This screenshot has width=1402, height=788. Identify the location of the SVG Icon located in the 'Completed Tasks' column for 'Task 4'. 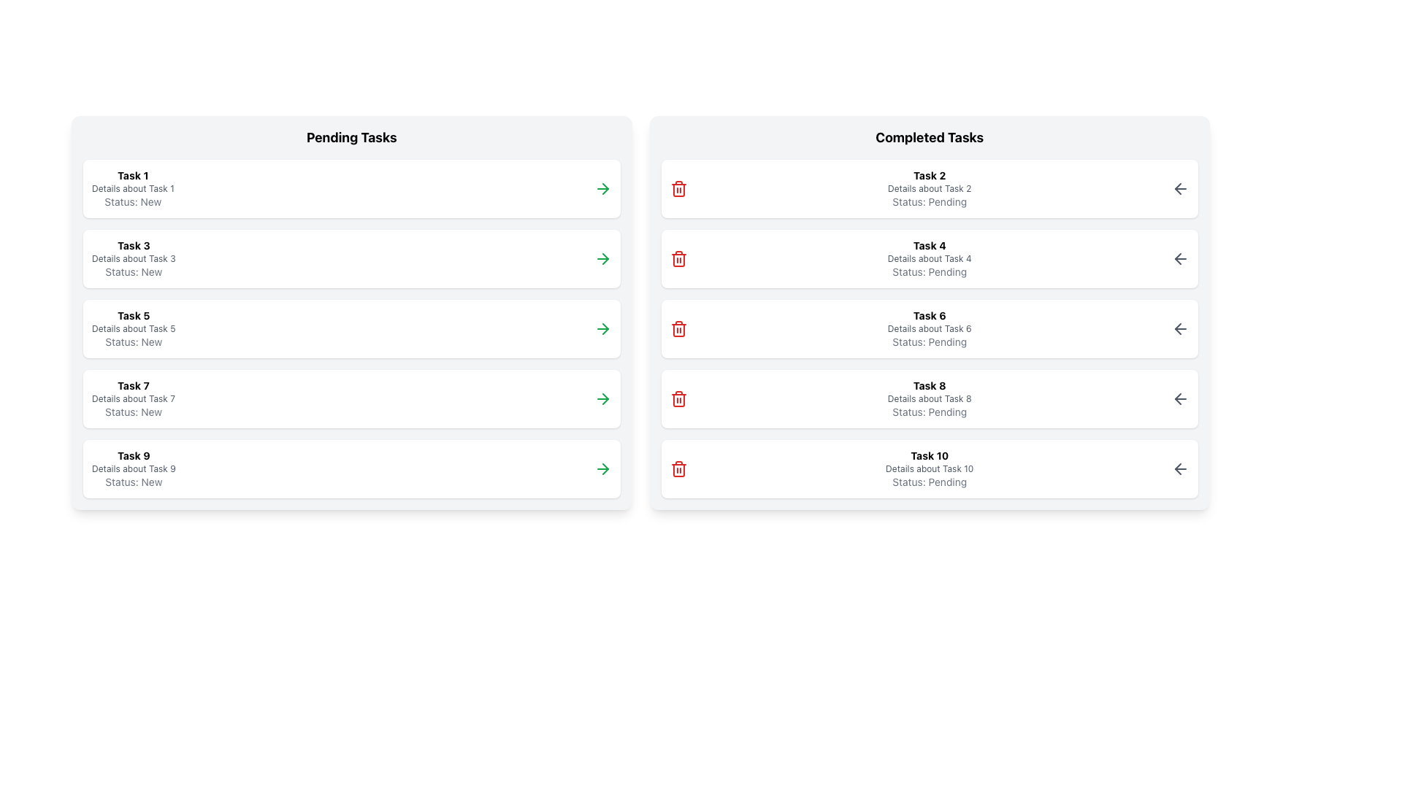
(1178, 258).